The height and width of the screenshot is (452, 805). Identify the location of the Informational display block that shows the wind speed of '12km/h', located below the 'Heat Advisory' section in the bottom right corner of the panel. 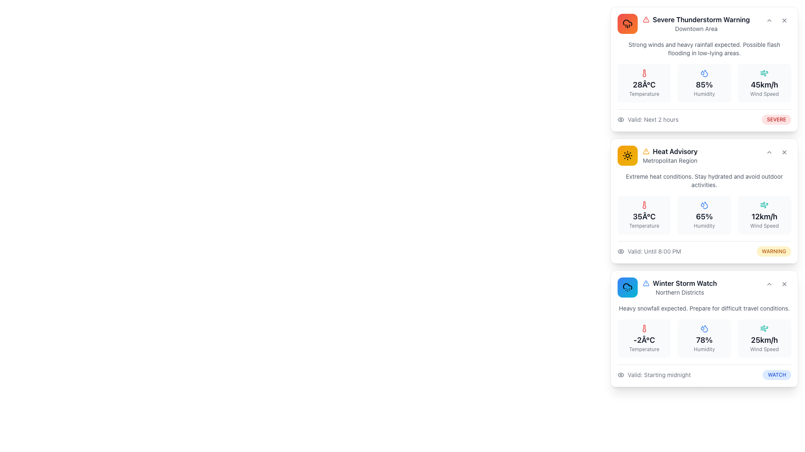
(764, 214).